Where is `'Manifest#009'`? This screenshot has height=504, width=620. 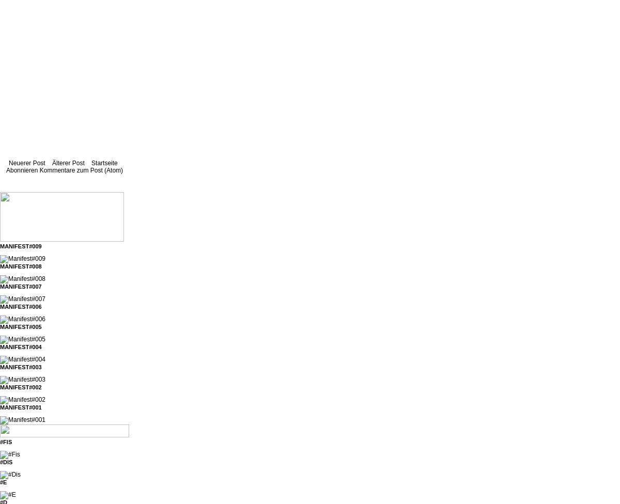
'Manifest#009' is located at coordinates (20, 245).